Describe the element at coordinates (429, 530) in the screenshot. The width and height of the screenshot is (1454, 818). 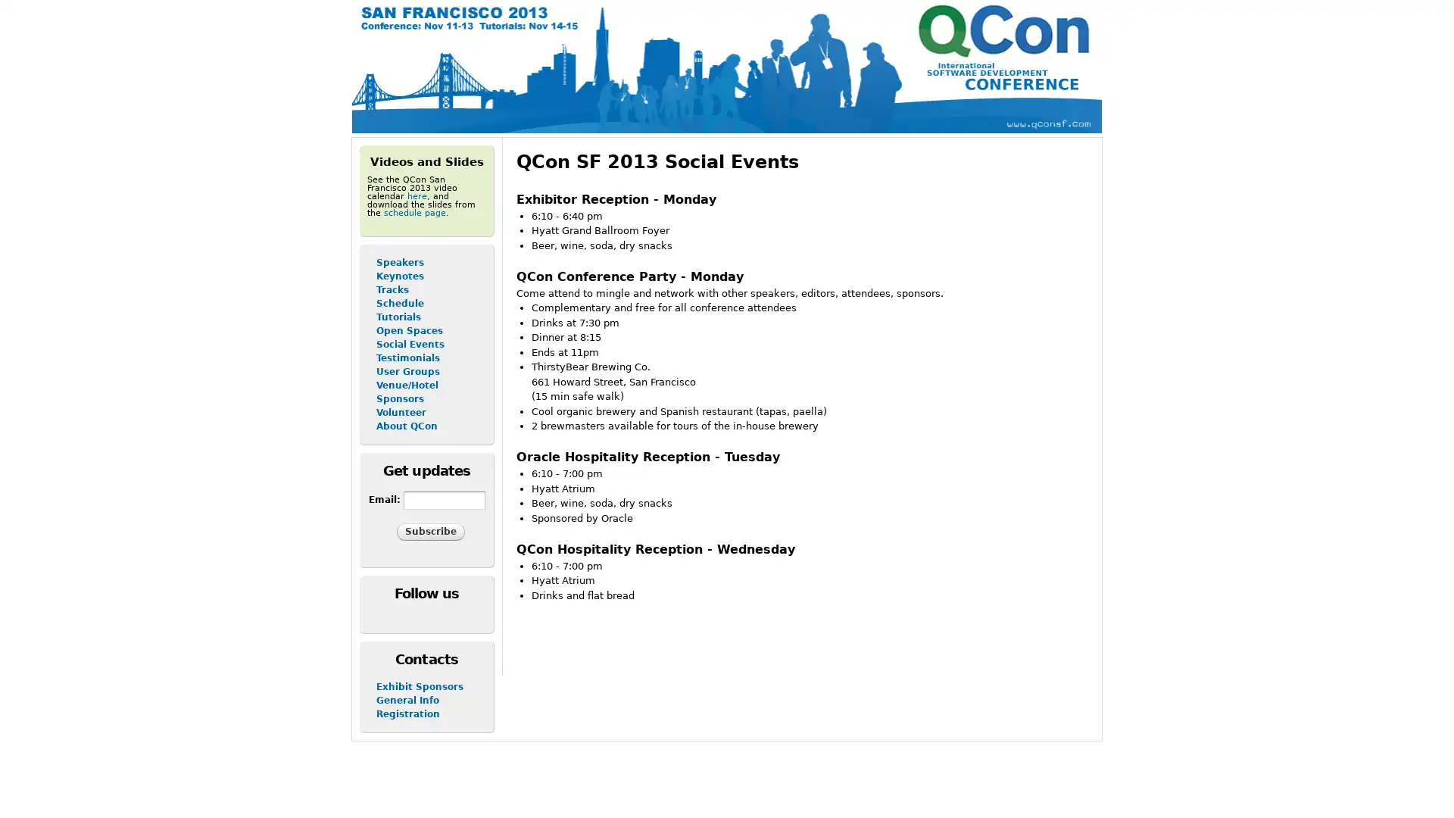
I see `Subscribe` at that location.